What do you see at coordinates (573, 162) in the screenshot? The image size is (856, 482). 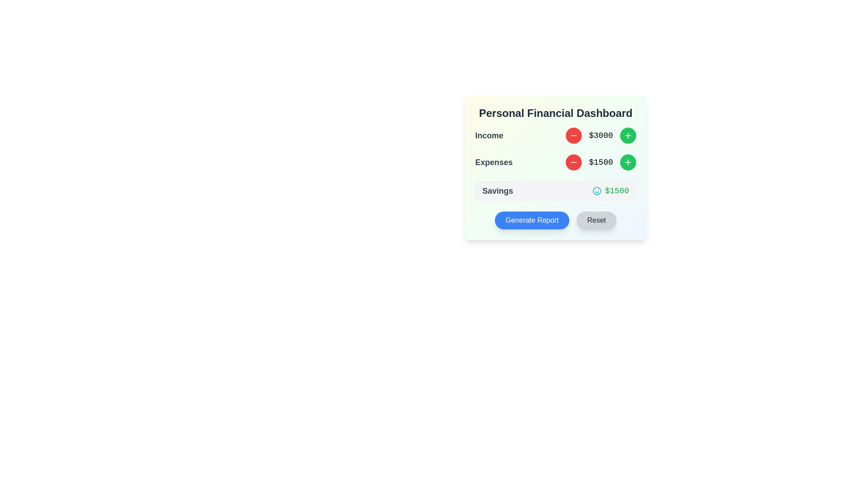 I see `the decrement action button in the 'Expenses' section` at bounding box center [573, 162].